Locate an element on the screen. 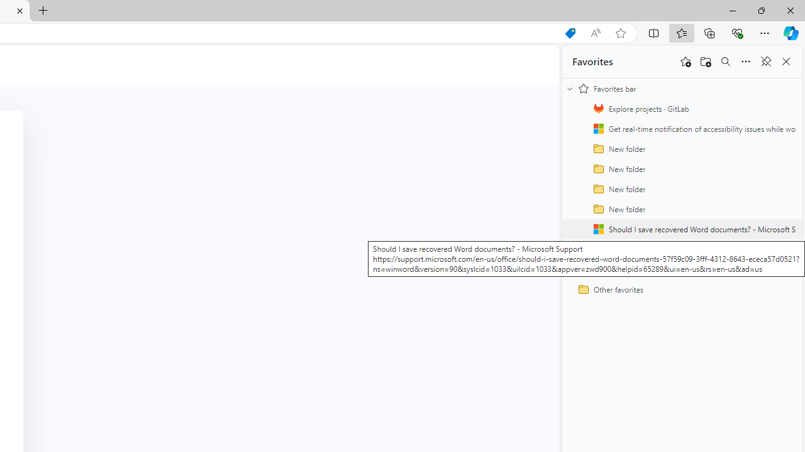 The image size is (805, 452). 'Search favorites' is located at coordinates (725, 62).